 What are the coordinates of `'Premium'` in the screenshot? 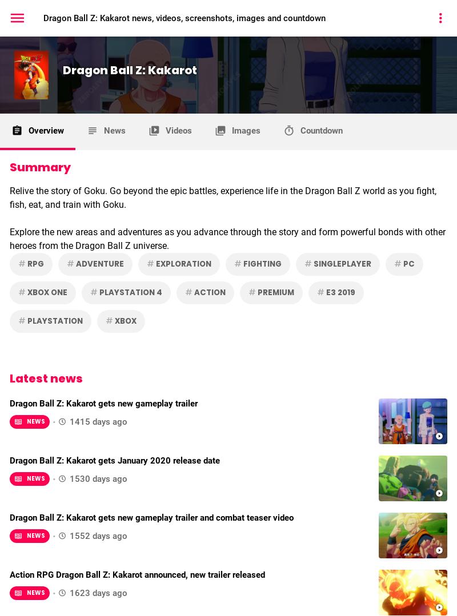 It's located at (275, 292).